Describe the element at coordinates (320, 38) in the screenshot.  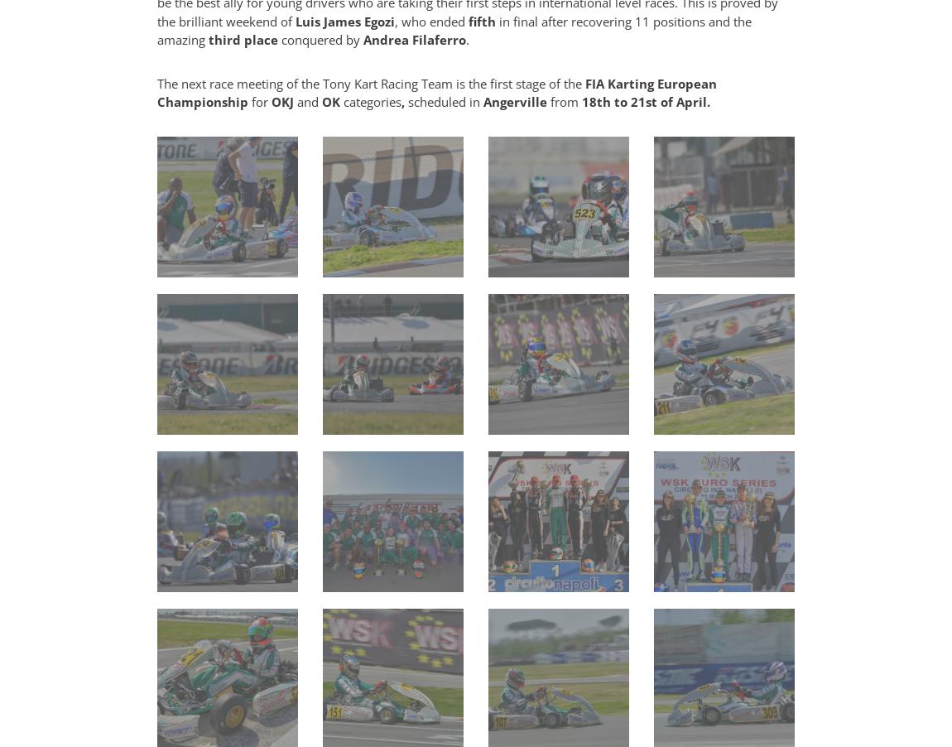
I see `'conquered by'` at that location.